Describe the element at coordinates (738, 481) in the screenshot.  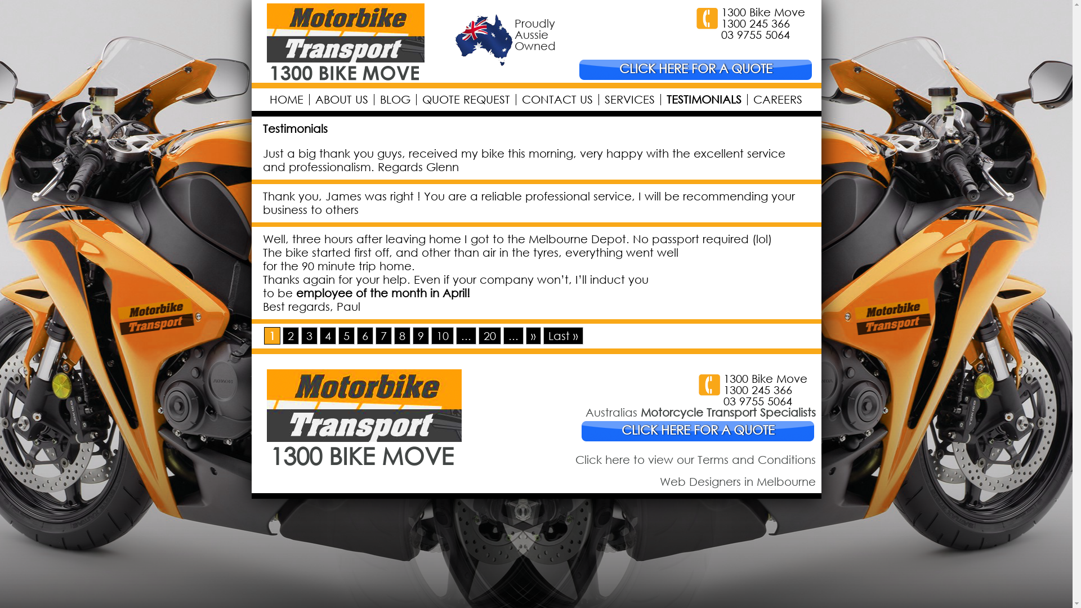
I see `'Web Designers in Melbourne'` at that location.